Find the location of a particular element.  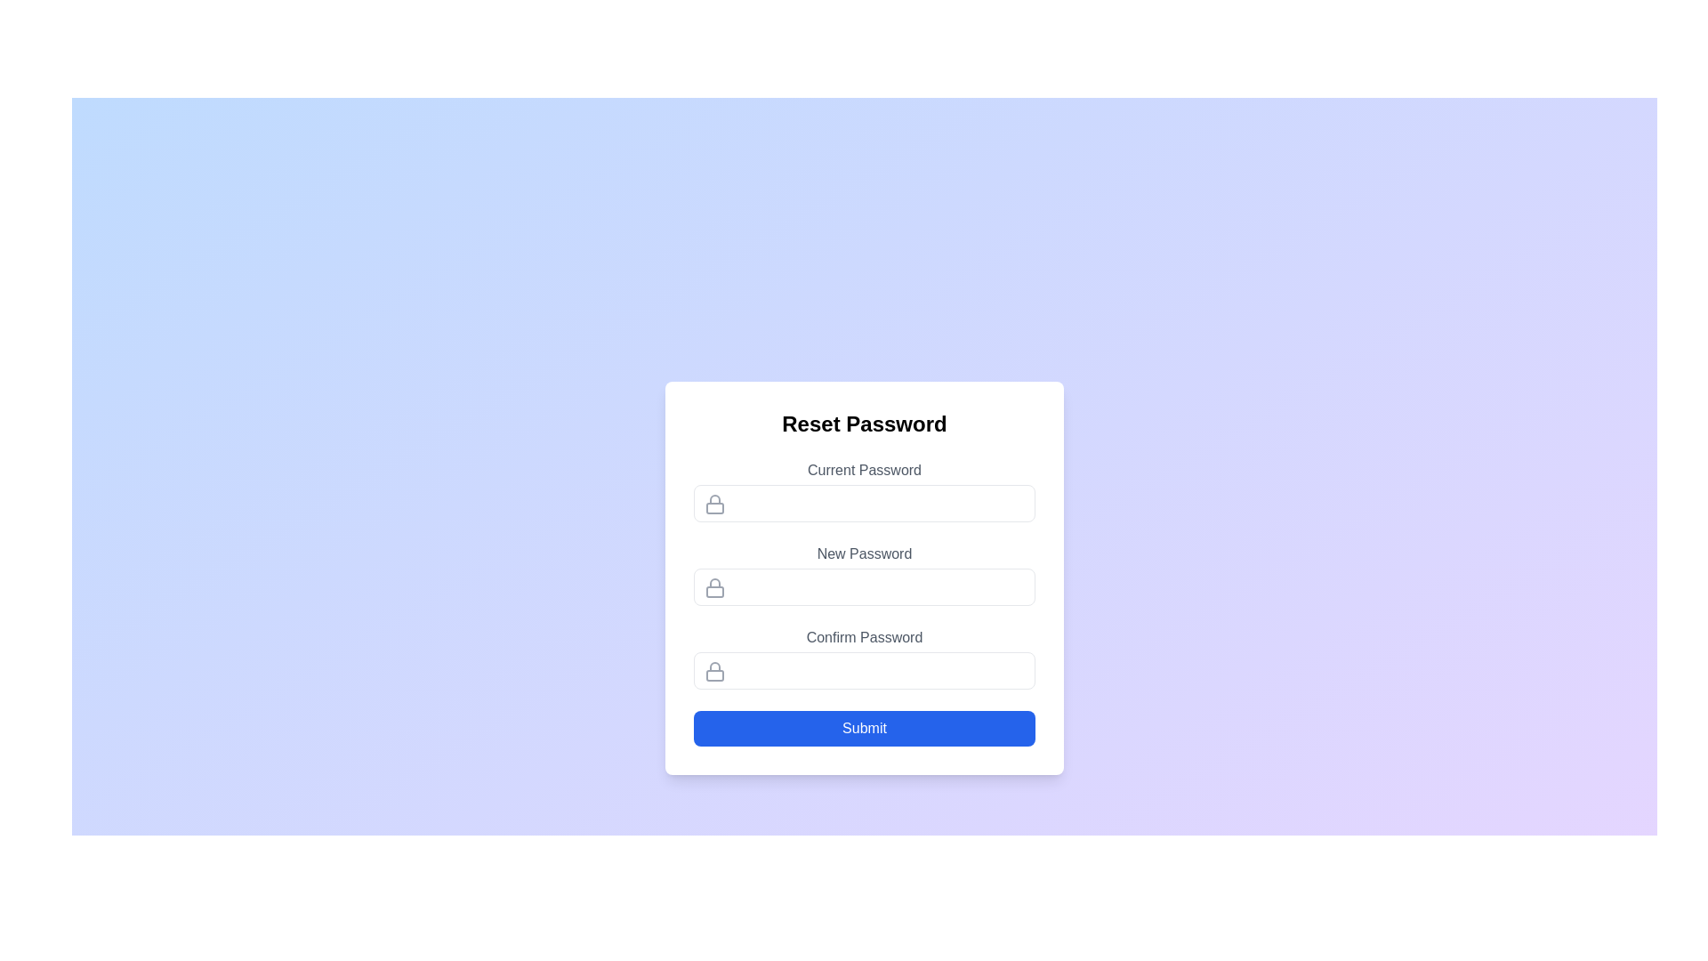

the decorative rectangular shape that visually represents part of the third lock icon located to the left of the 'Confirm Password' field in the 'Reset Password' form is located at coordinates (715, 675).